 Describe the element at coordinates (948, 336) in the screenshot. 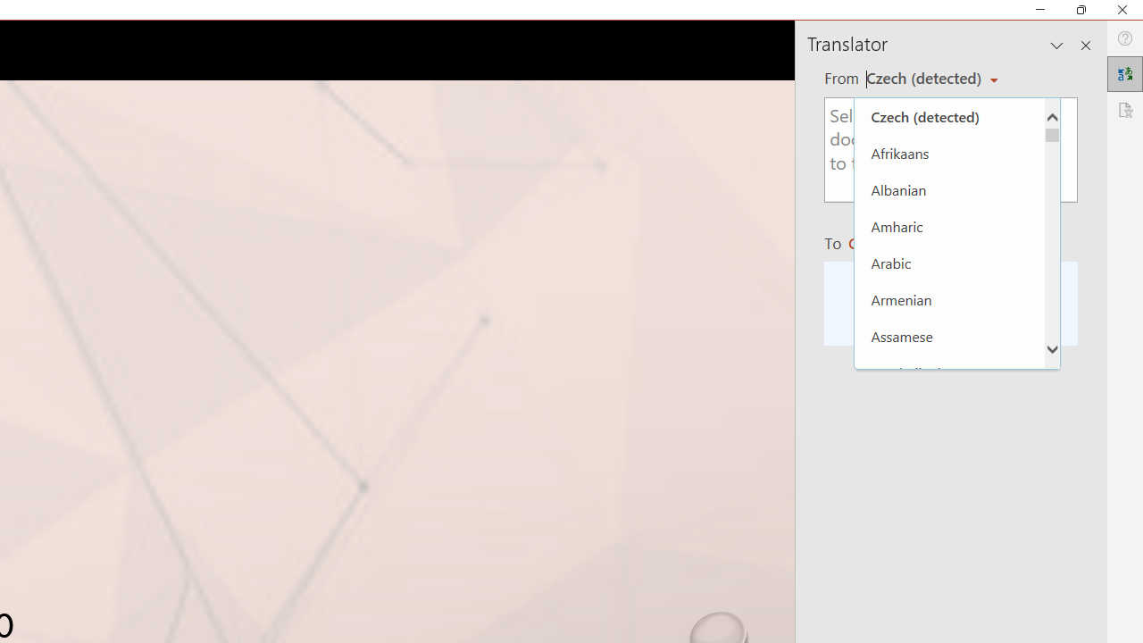

I see `'Assamese'` at that location.